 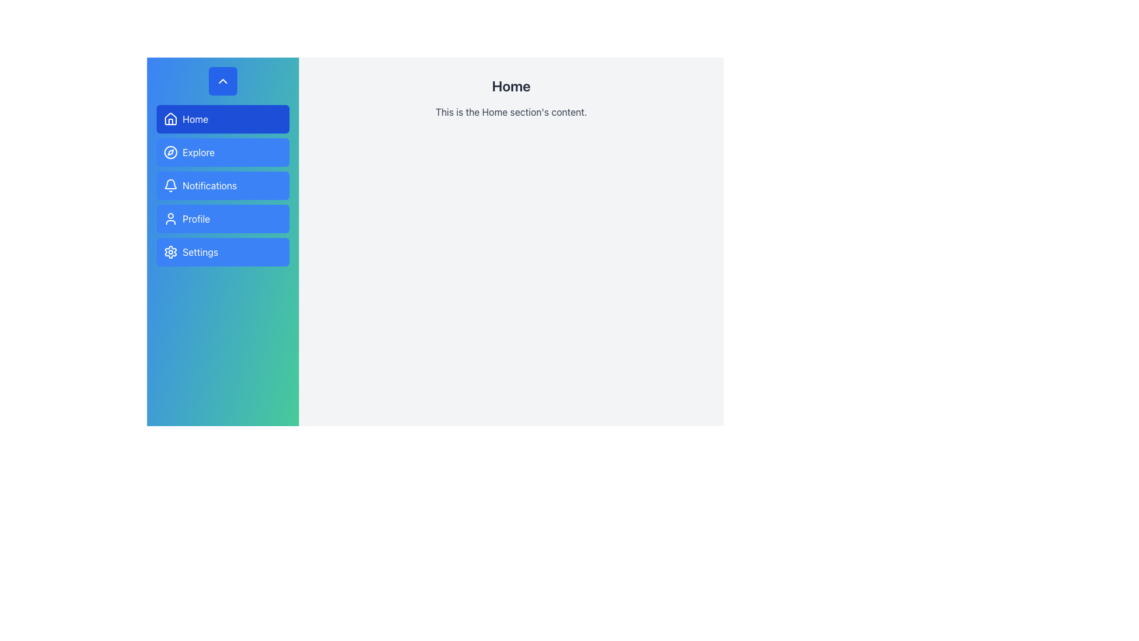 I want to click on the bell icon representing the Notifications menu, so click(x=170, y=185).